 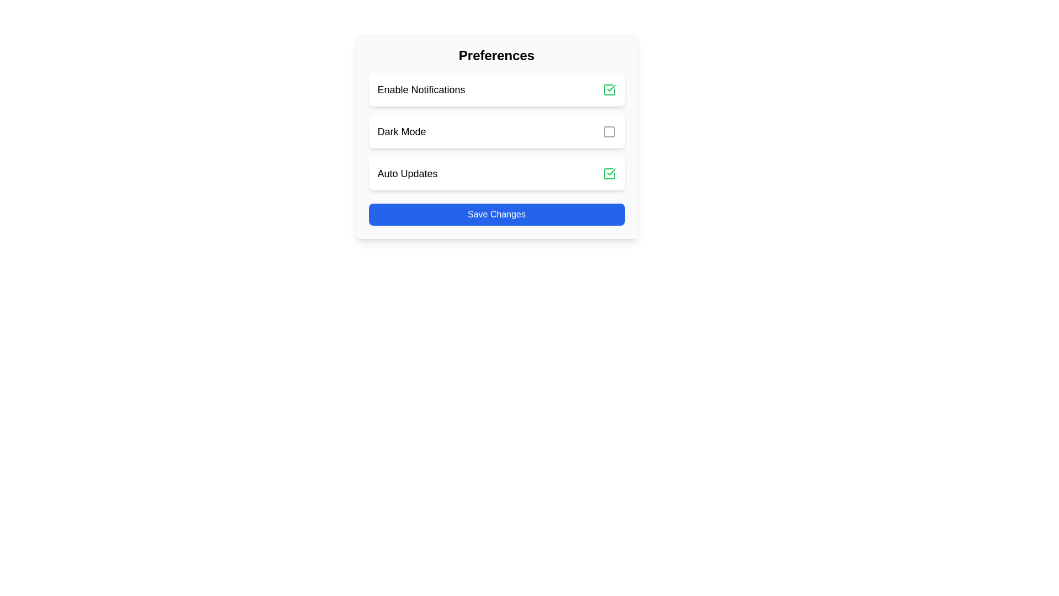 I want to click on the 'Auto Updates' text label in the Preferences menu, which is located on the left side of the third row and is aligned with a checkmark icon, so click(x=407, y=174).